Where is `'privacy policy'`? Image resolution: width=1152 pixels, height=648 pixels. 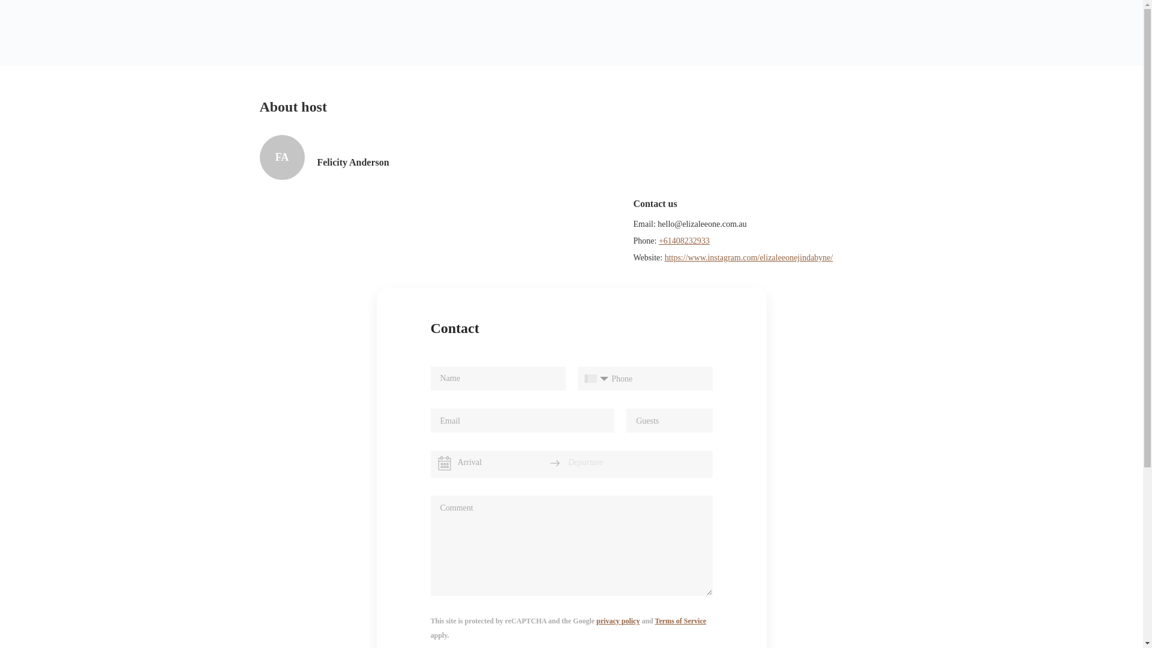 'privacy policy' is located at coordinates (618, 620).